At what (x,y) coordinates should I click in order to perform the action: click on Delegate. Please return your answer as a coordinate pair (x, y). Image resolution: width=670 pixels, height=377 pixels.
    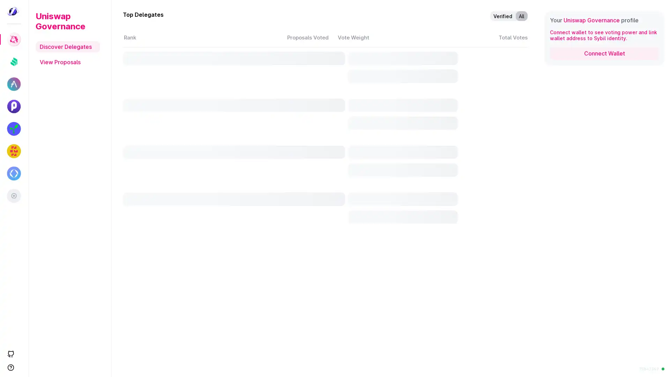
    Looking at the image, I should click on (463, 61).